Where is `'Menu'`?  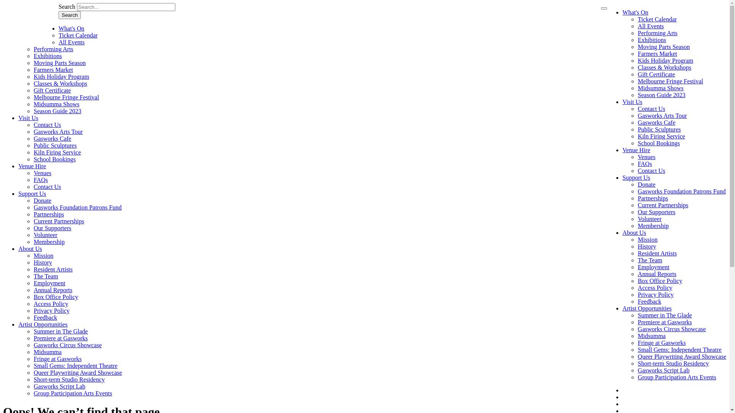 'Menu' is located at coordinates (600, 8).